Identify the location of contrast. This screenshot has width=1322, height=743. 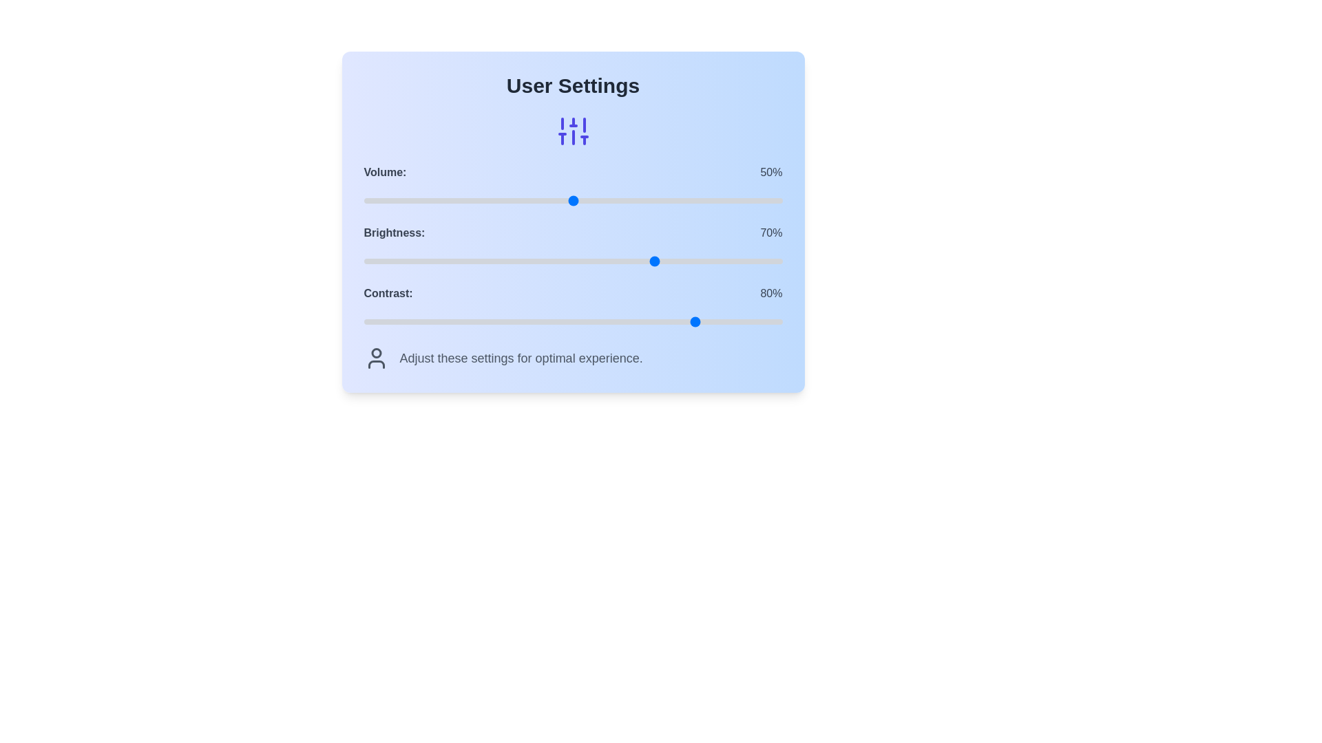
(682, 321).